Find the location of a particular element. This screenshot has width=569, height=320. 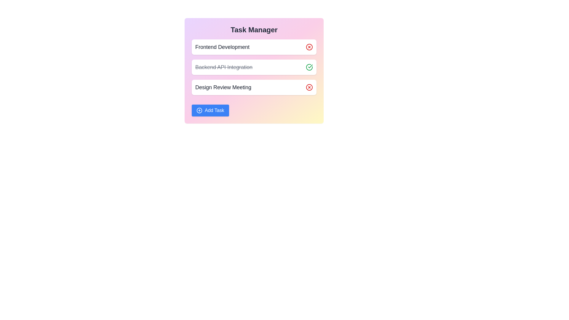

the 'X' icon associated with the task 'Frontend Development' is located at coordinates (309, 47).